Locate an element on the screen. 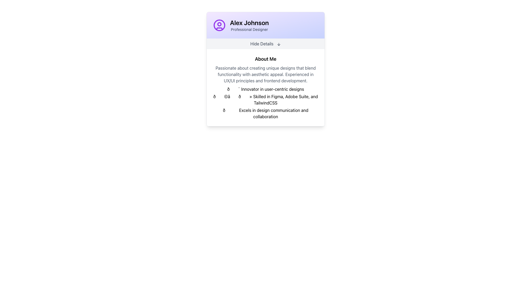 The image size is (507, 285). the text display element that provides information about the user's skills and qualities, located below the text '👩‍💻 Skilled in Figma, Adobe Suite, and TailwindCSS' is located at coordinates (266, 113).